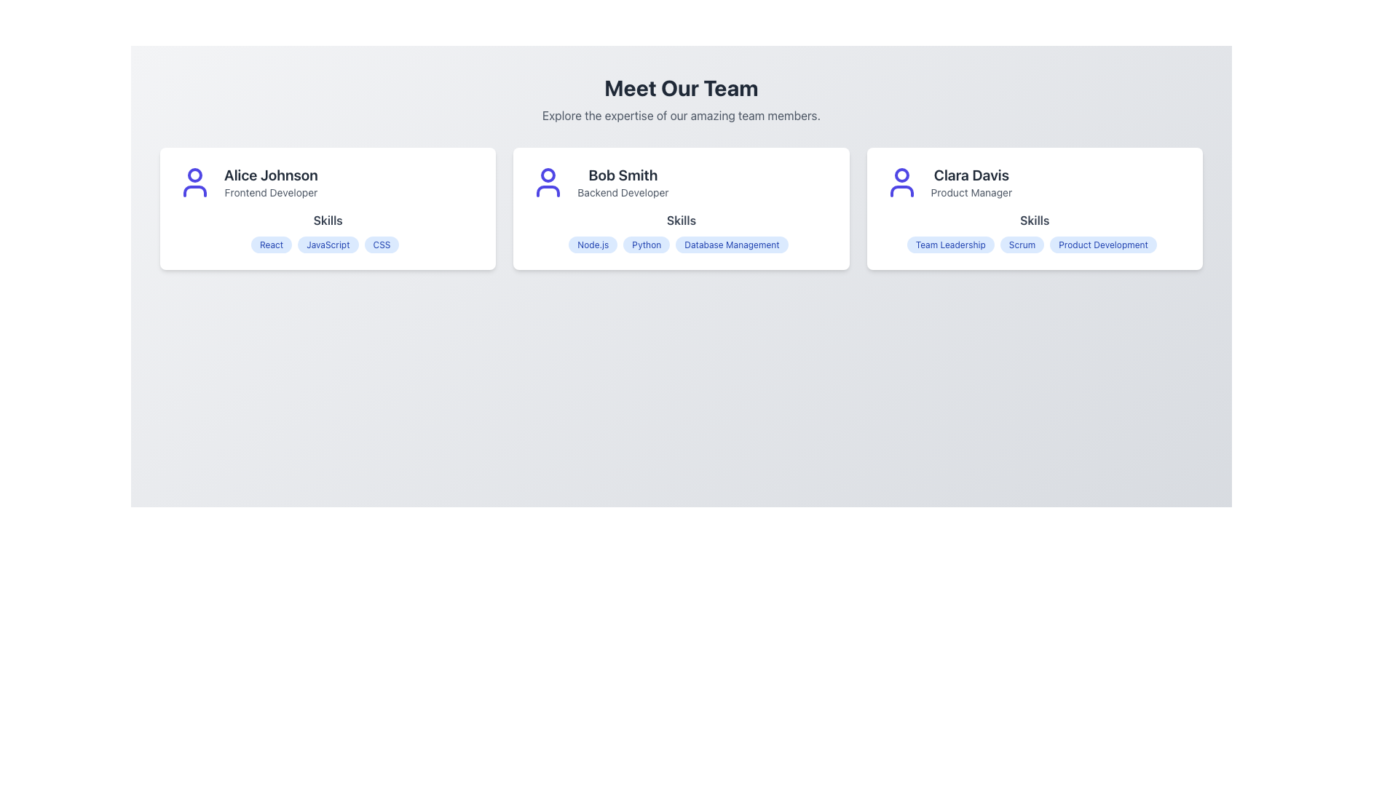  I want to click on the text label displaying 'Clara Davis' in bold, large font located at the top of the card in the rightmost column of the layout, so click(971, 174).